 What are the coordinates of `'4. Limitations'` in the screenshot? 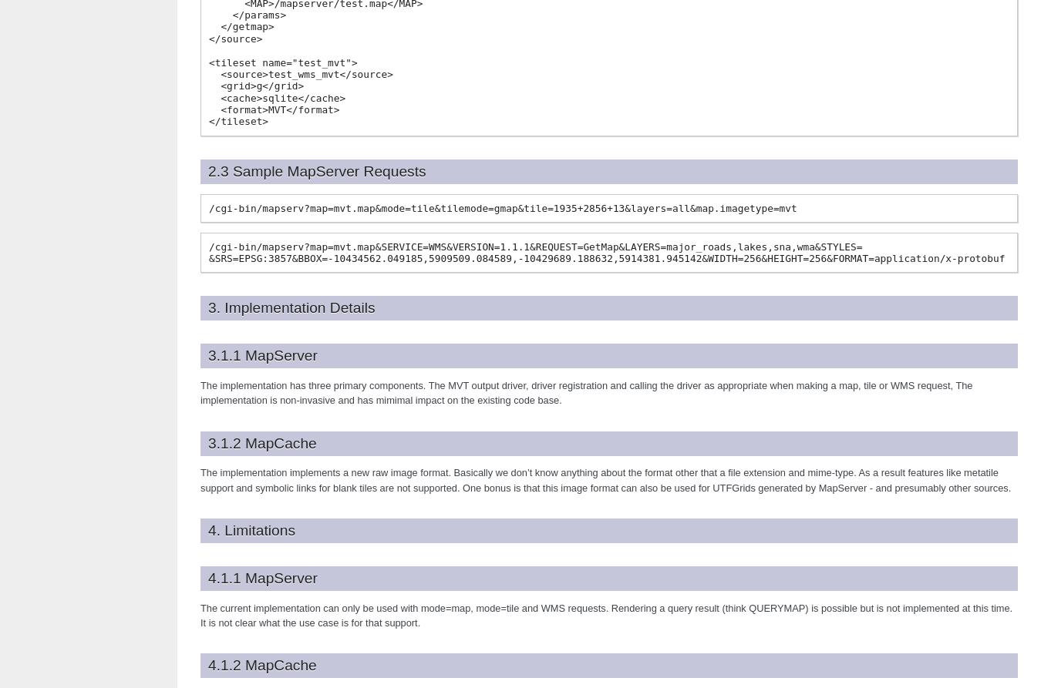 It's located at (251, 529).